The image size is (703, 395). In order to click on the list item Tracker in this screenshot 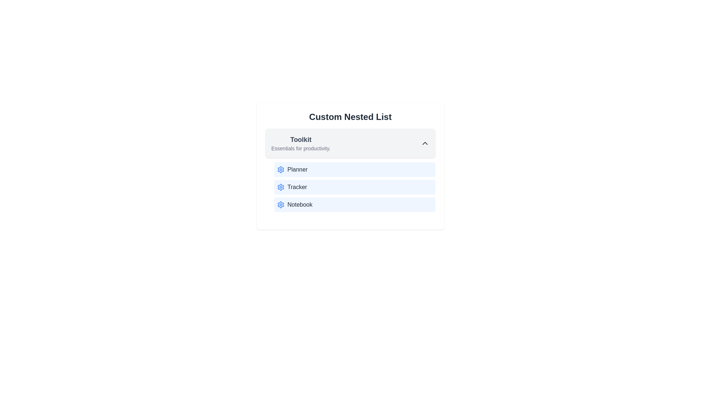, I will do `click(355, 187)`.